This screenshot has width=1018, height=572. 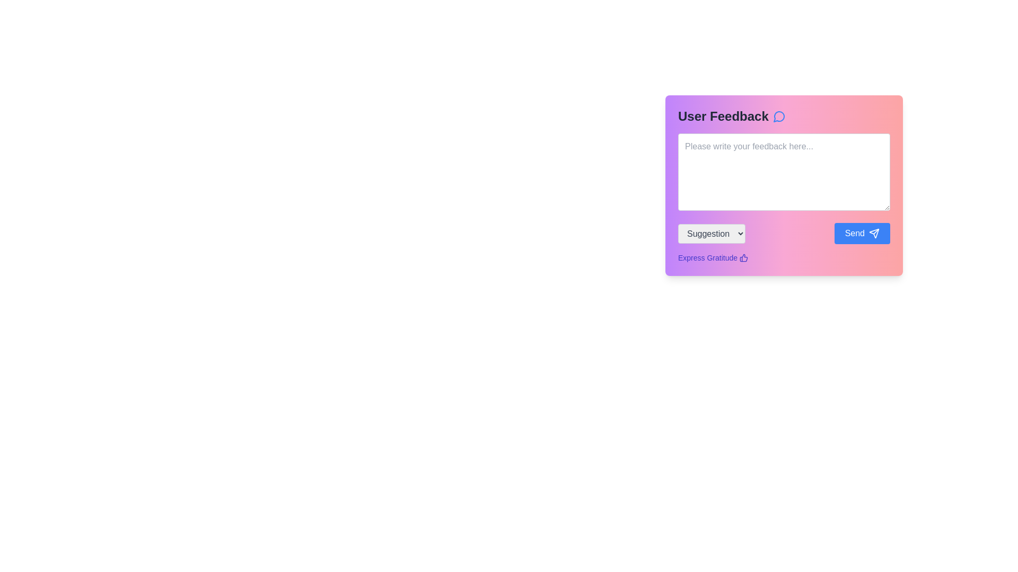 What do you see at coordinates (713, 257) in the screenshot?
I see `the 'Express Gratitude' text link with a thumbs-up icon located at the bottom of the 'User Feedback' card` at bounding box center [713, 257].